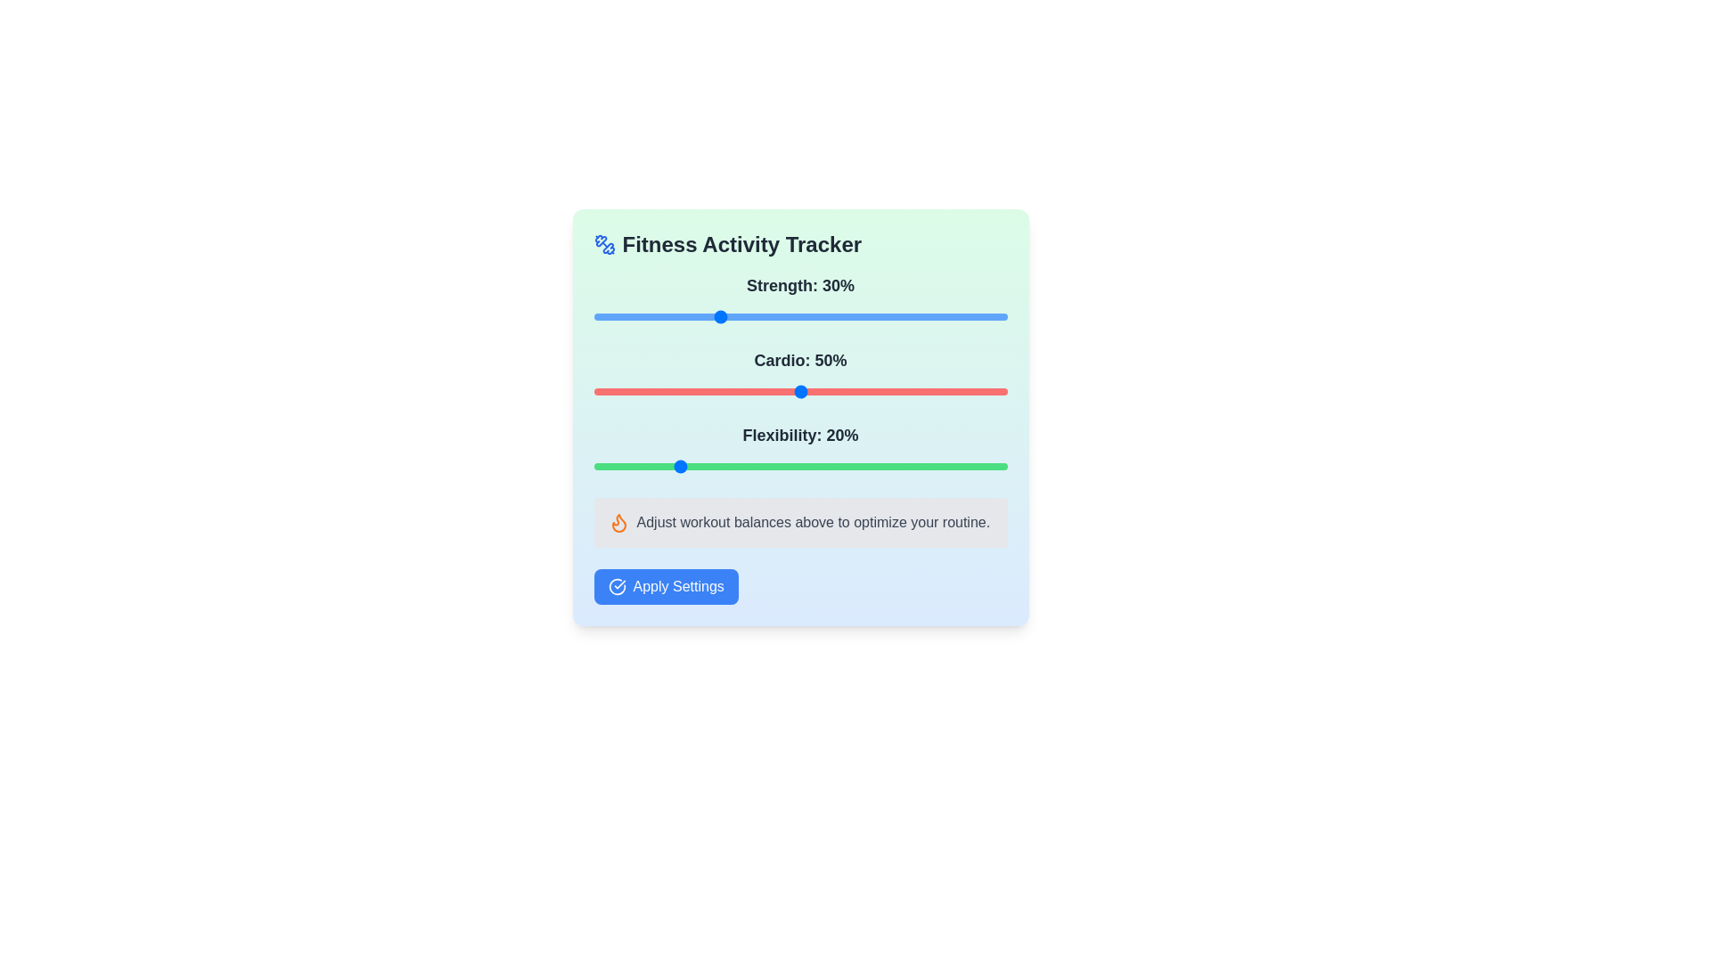 This screenshot has height=962, width=1711. I want to click on the slider value, so click(989, 315).